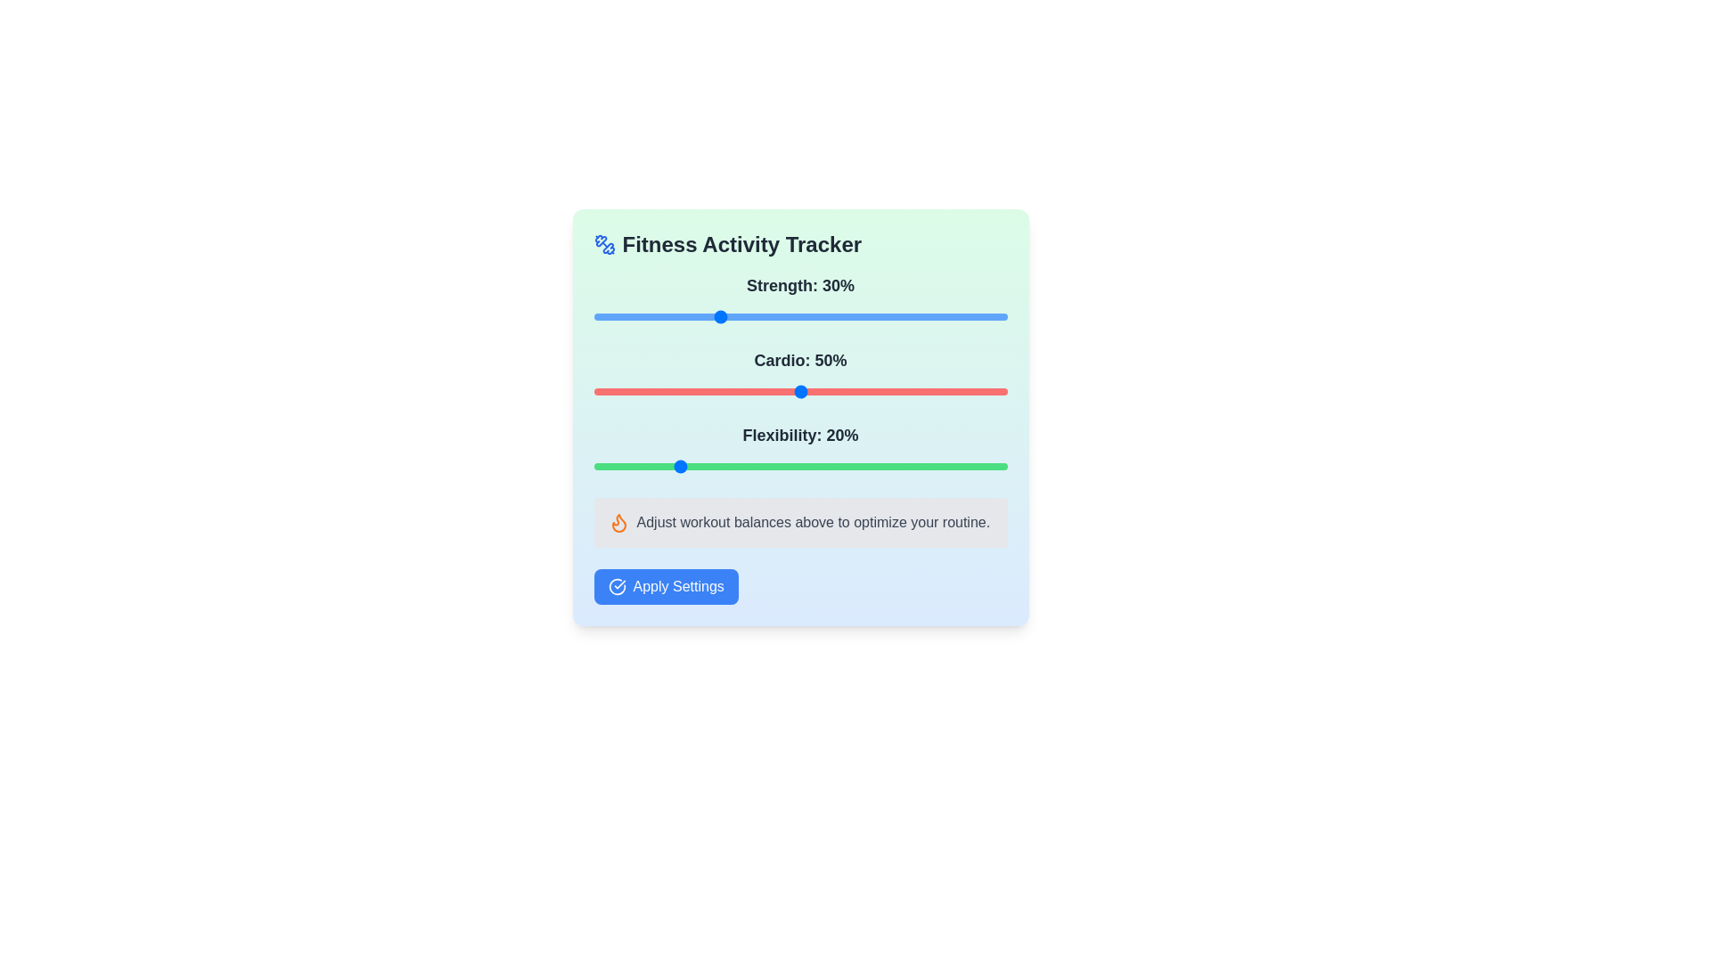 This screenshot has height=962, width=1711. I want to click on the slider value, so click(989, 315).